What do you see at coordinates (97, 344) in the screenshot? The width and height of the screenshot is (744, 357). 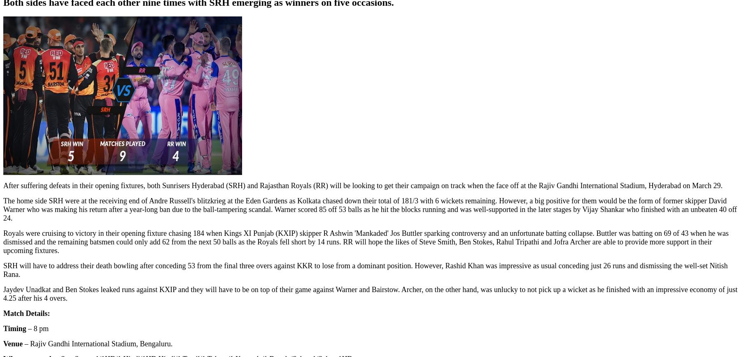 I see `'– Rajiv Gandhi International Stadium, Bengaluru.'` at bounding box center [97, 344].